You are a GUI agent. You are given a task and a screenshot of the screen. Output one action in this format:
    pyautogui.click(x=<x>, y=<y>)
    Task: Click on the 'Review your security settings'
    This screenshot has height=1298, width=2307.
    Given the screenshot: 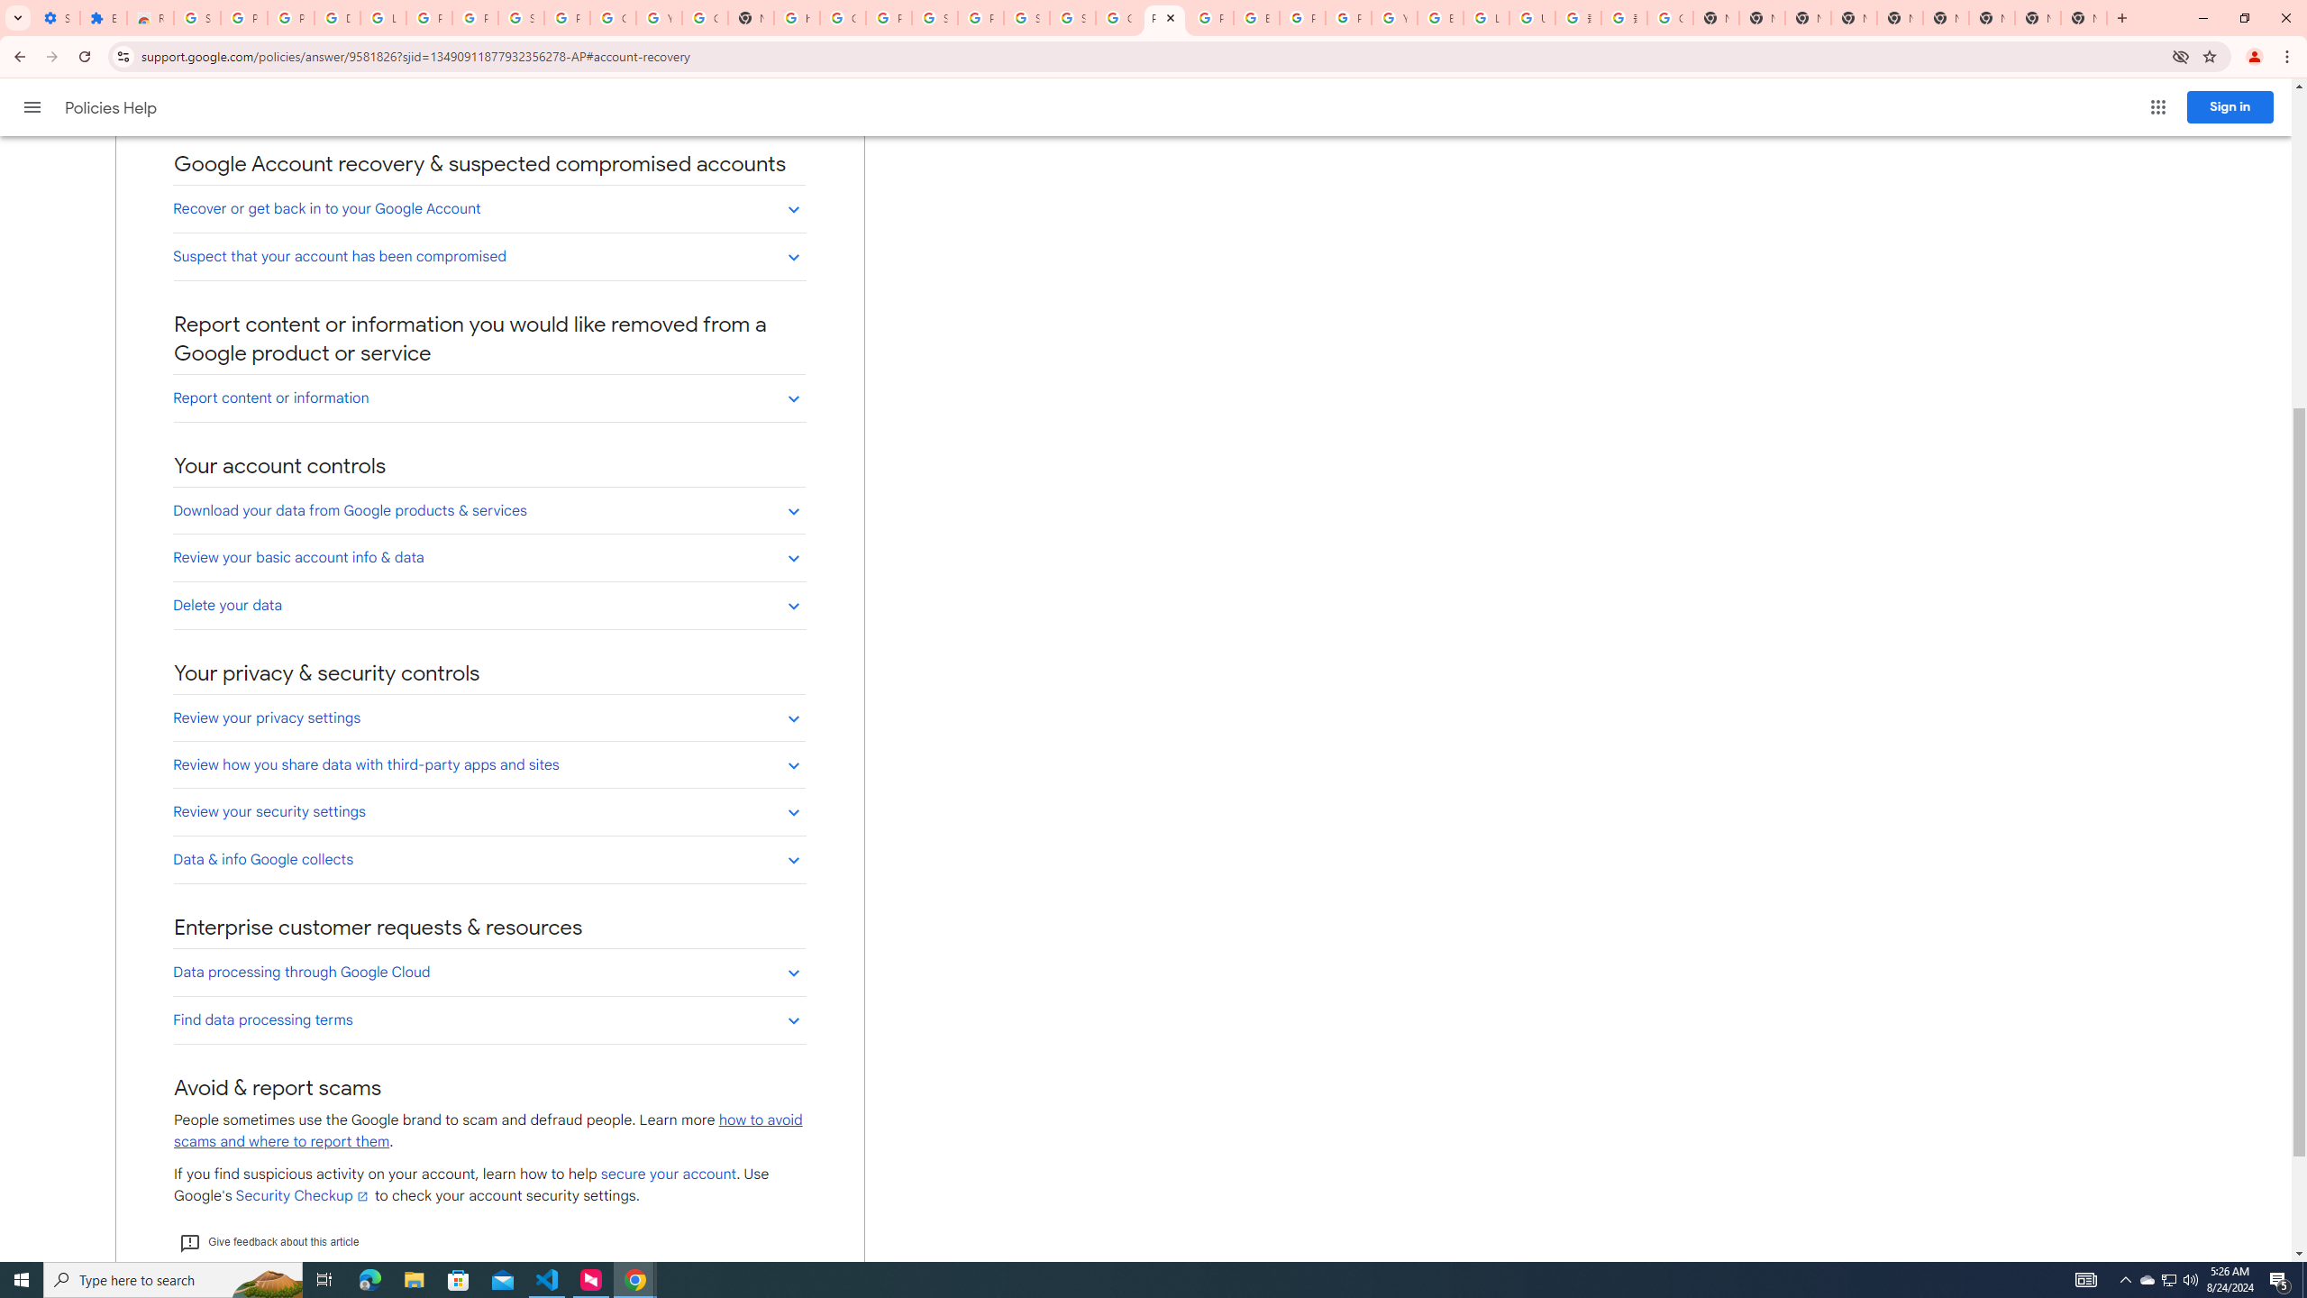 What is the action you would take?
    pyautogui.click(x=488, y=811)
    